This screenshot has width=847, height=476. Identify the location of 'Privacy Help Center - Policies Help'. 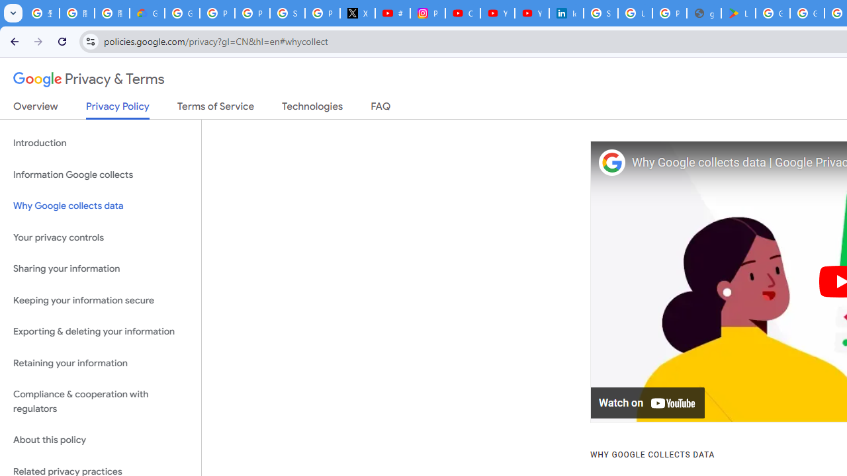
(252, 13).